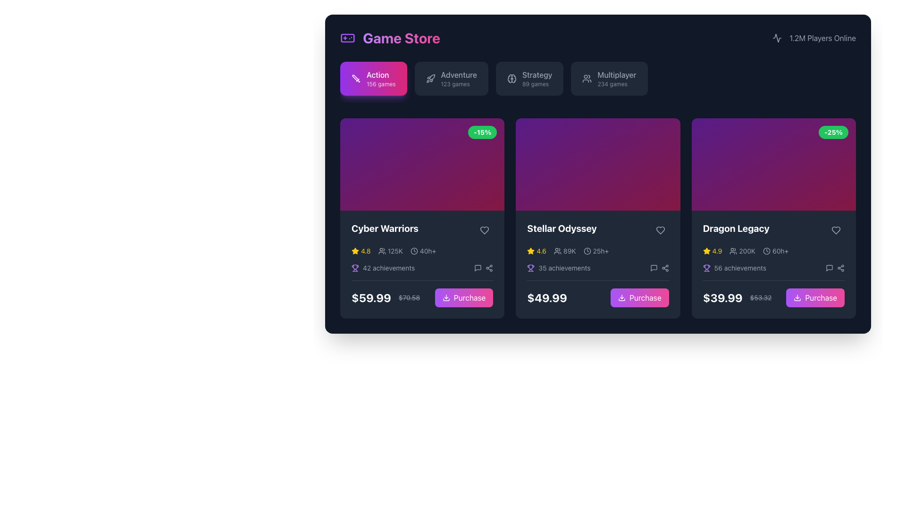  Describe the element at coordinates (383, 268) in the screenshot. I see `displayed information from the Label with a trophy icon indicating '42 achievements', which is located below the game's name 'Cyber Warriors' in the first game item card` at that location.